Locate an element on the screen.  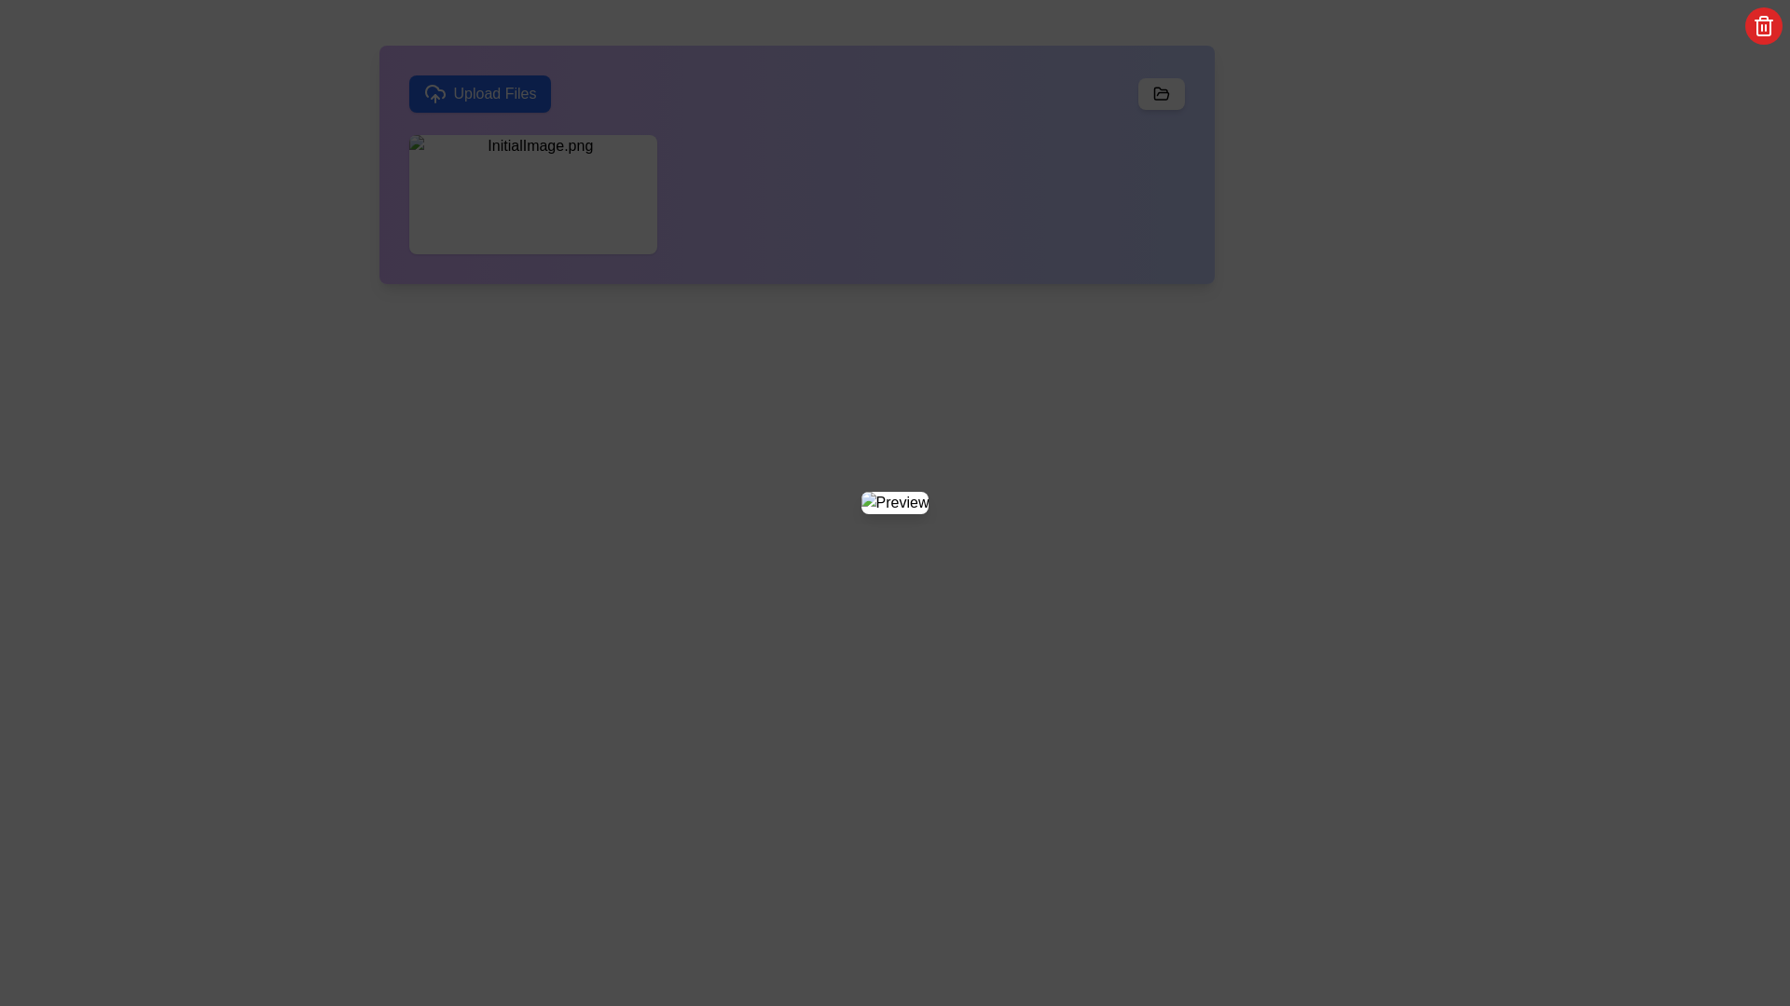
the button located at the top-right corner of the 'Upload Files' header section to activate the hover effect is located at coordinates (1160, 93).